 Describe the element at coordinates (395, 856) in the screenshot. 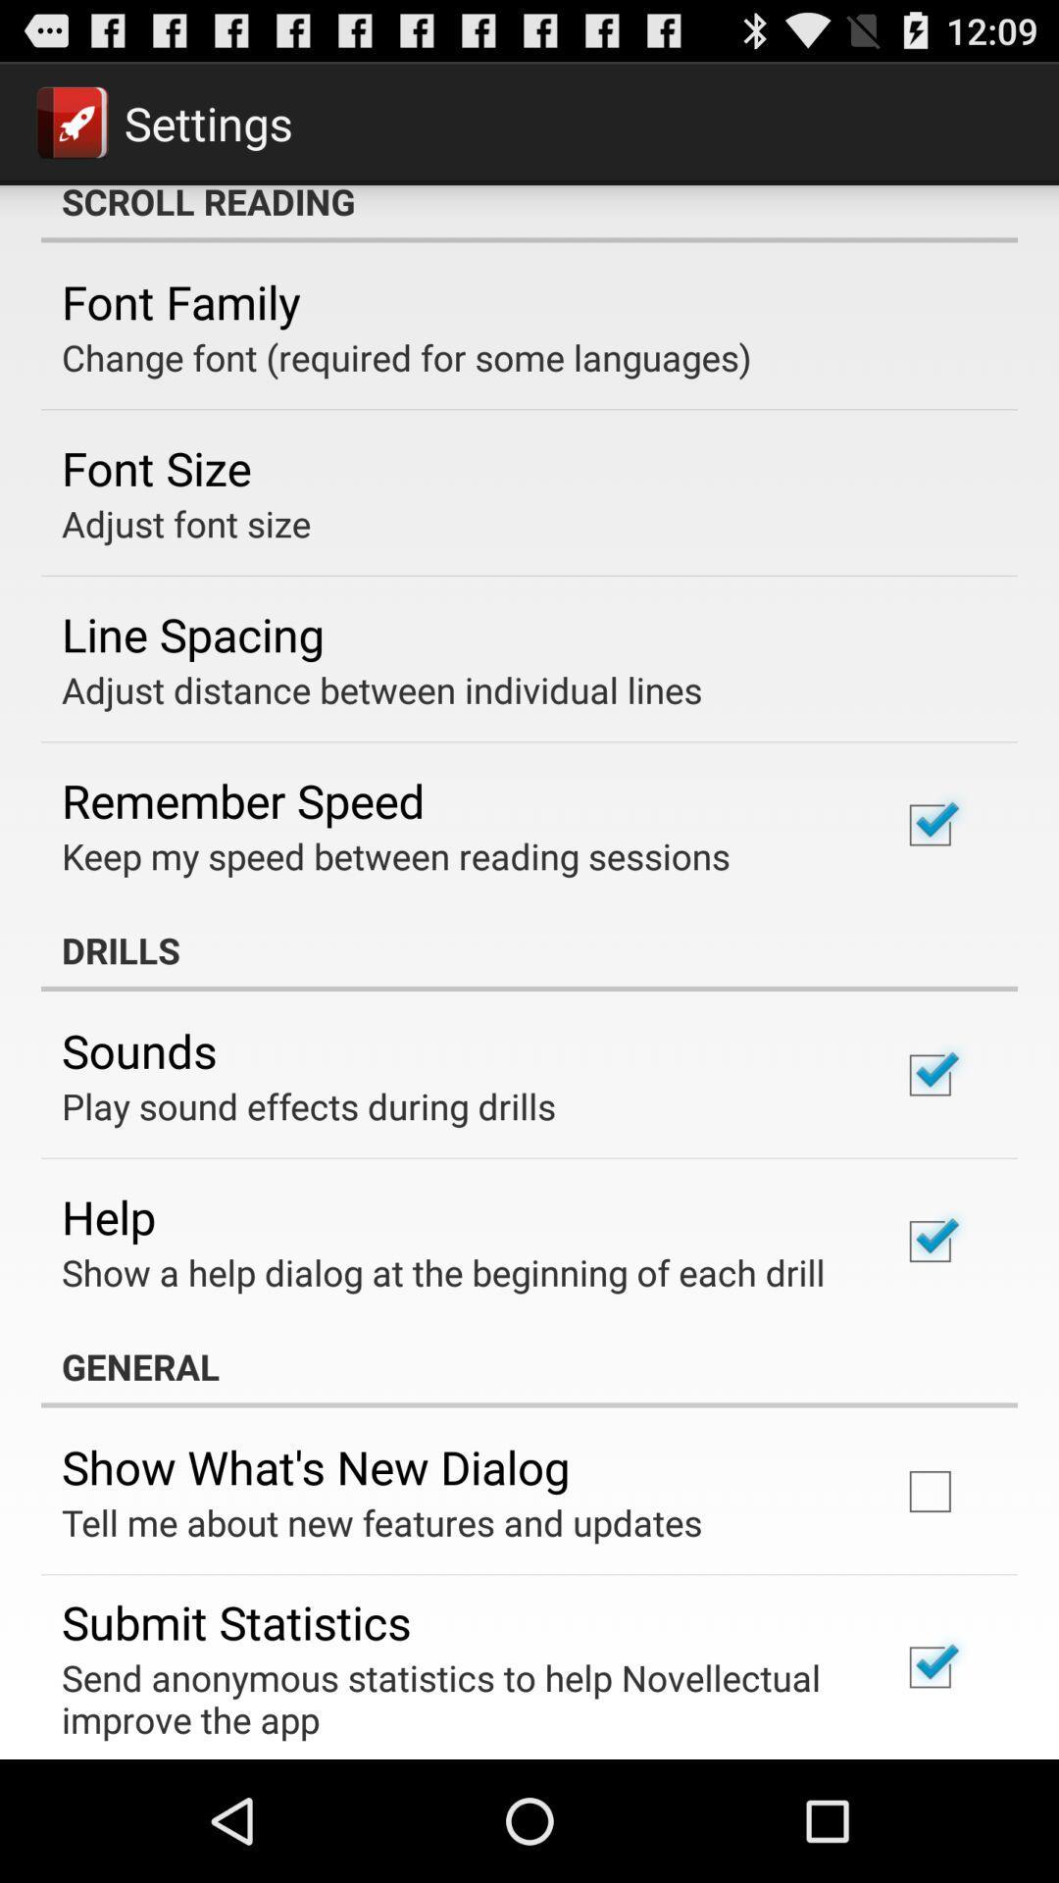

I see `app below the remember speed app` at that location.